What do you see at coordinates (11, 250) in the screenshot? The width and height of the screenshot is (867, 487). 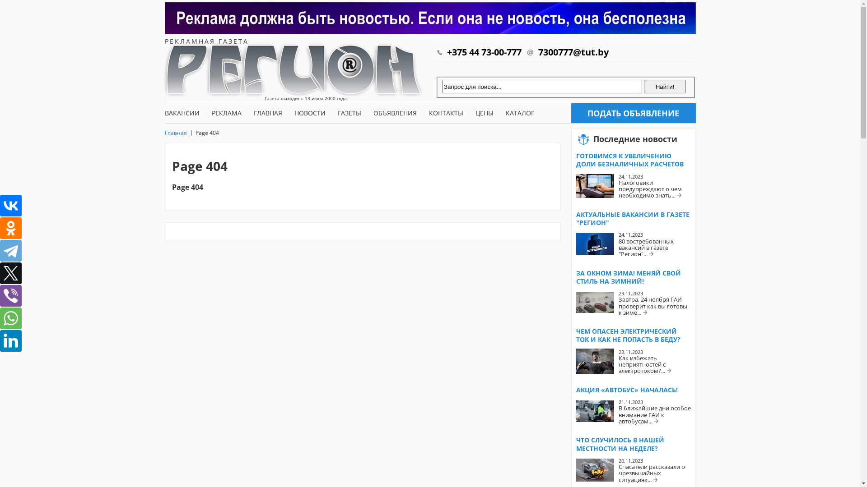 I see `'Telegram'` at bounding box center [11, 250].